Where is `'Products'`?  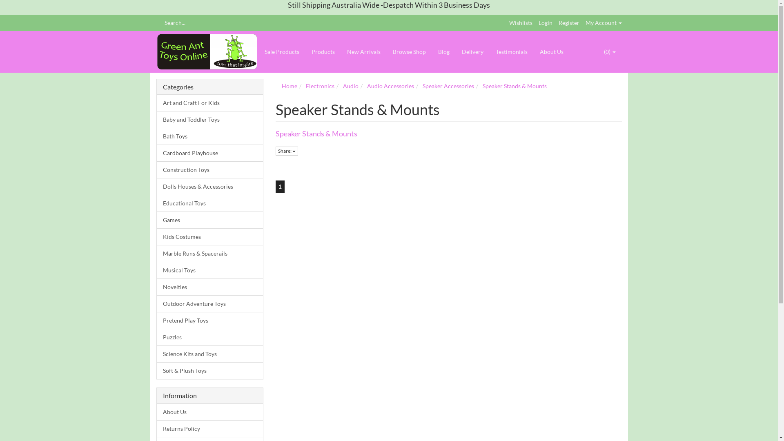
'Products' is located at coordinates (305, 52).